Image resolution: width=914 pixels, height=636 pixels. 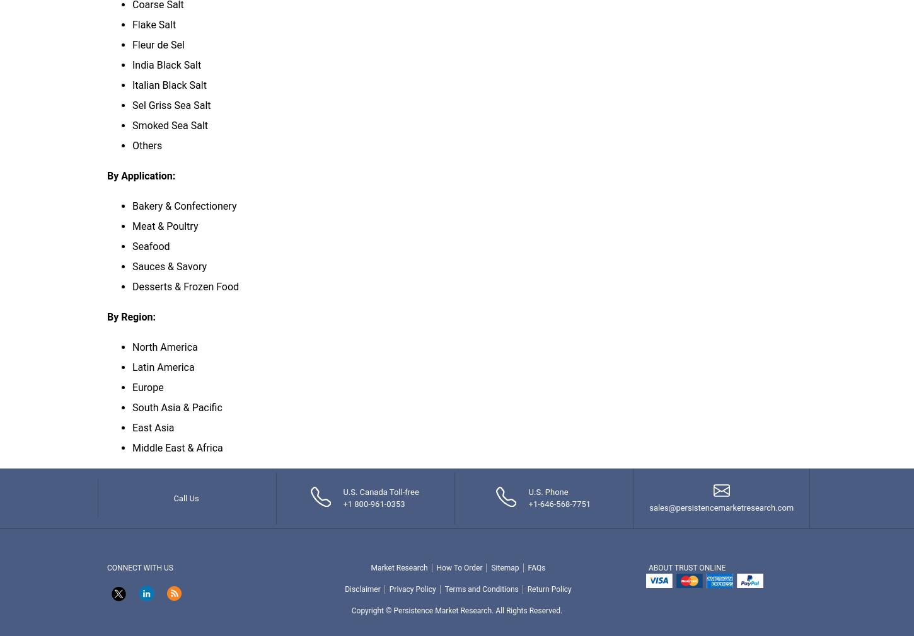 What do you see at coordinates (158, 43) in the screenshot?
I see `'Fleur de Sel'` at bounding box center [158, 43].